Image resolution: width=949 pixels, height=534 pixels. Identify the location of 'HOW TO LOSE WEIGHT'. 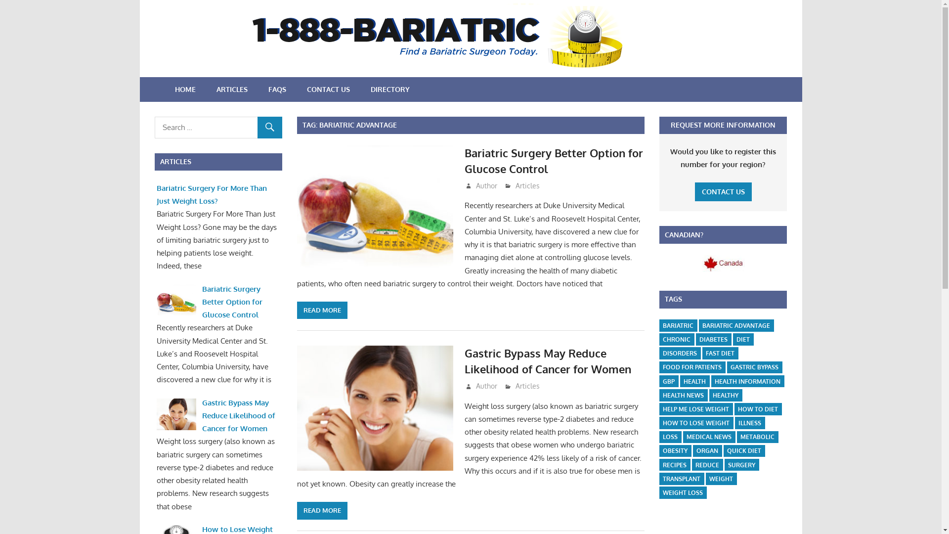
(695, 423).